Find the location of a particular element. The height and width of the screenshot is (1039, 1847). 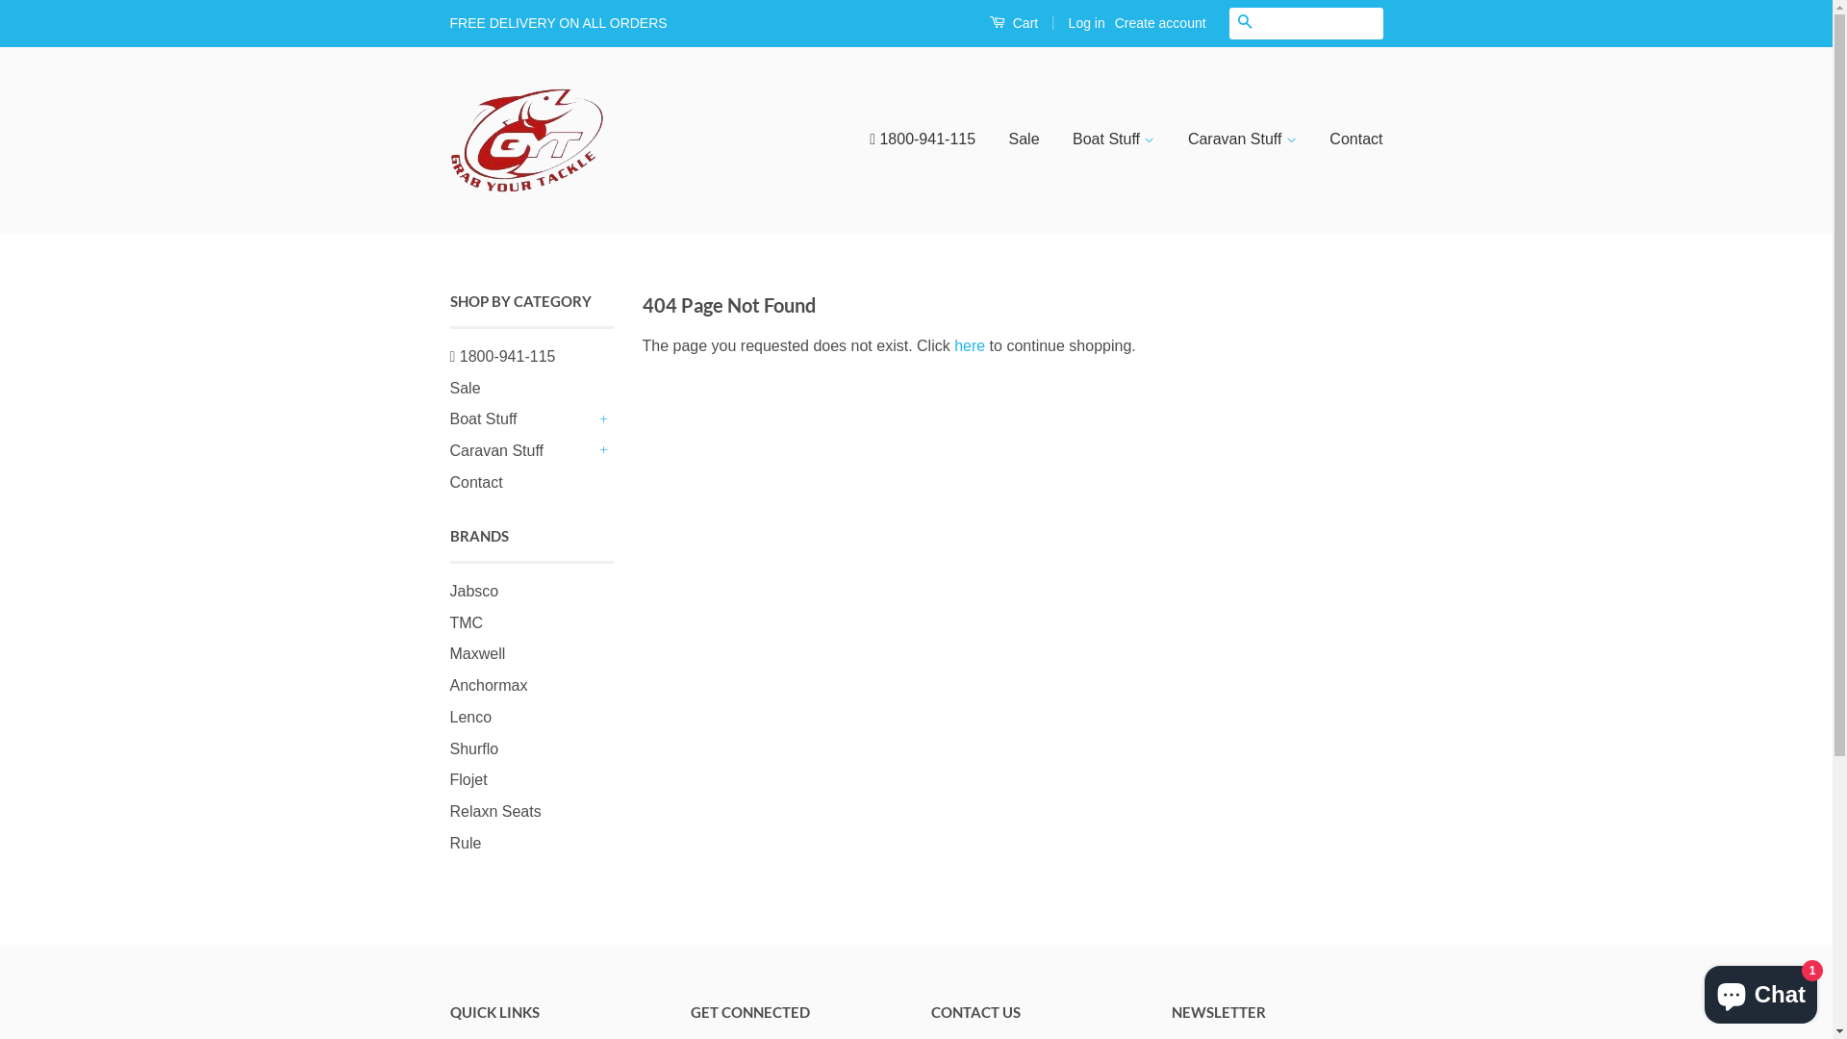

'Jabsco' is located at coordinates (474, 590).